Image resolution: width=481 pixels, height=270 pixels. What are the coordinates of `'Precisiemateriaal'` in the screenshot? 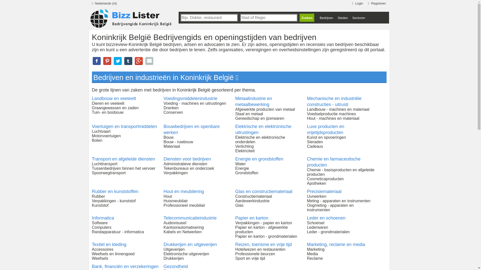 It's located at (324, 191).